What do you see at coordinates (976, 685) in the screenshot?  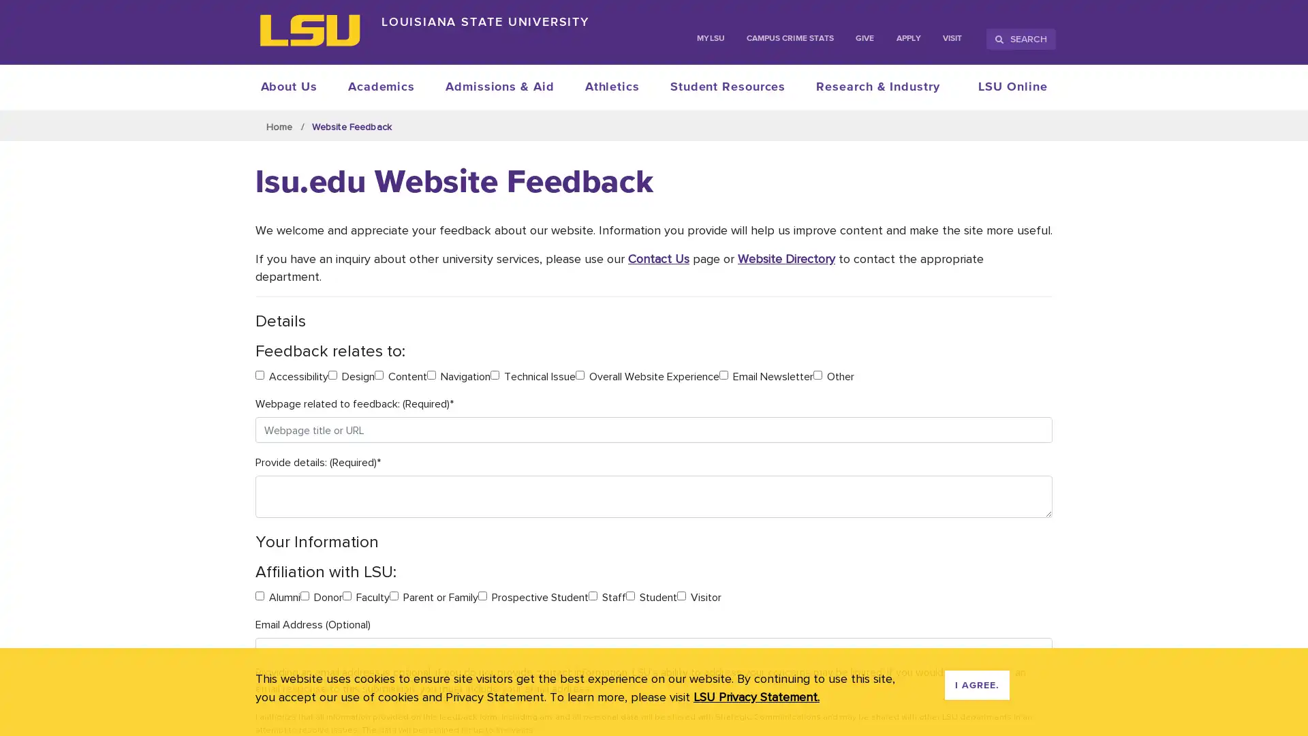 I see `dismiss cookie message` at bounding box center [976, 685].